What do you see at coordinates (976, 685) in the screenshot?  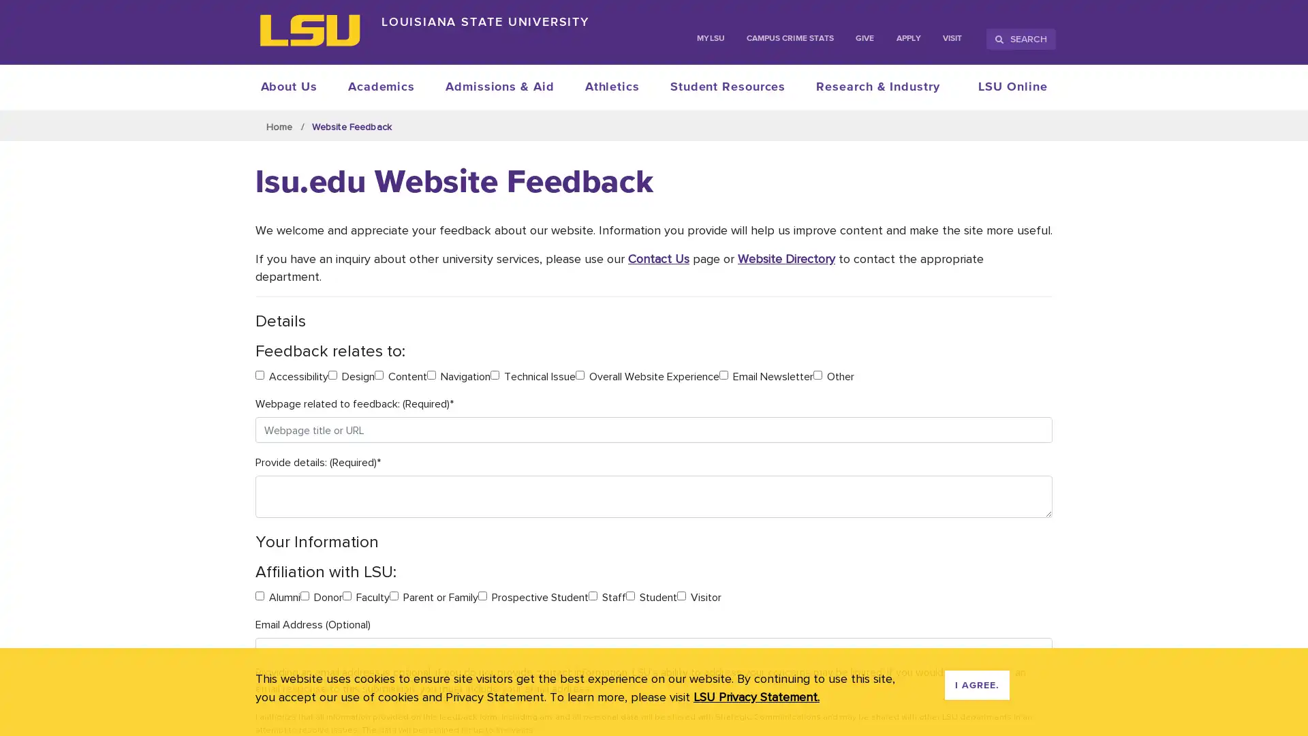 I see `dismiss cookie message` at bounding box center [976, 685].